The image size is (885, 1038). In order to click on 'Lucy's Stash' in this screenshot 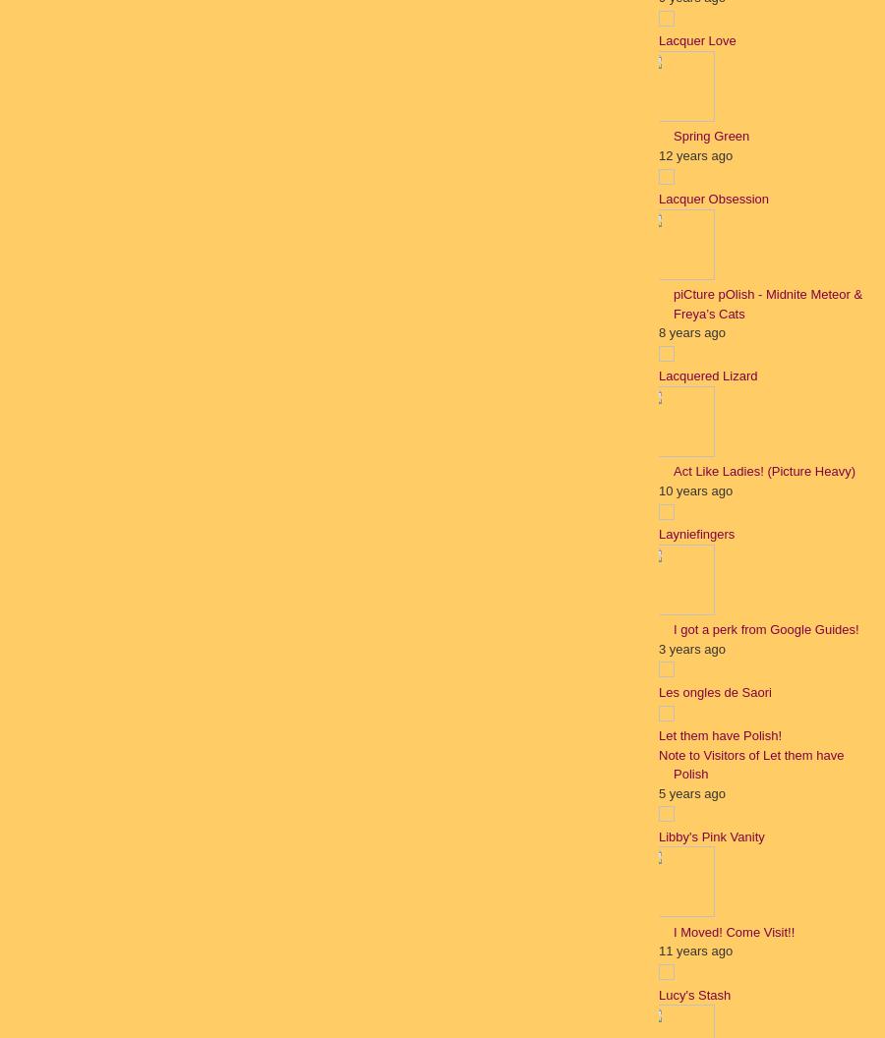, I will do `click(693, 993)`.